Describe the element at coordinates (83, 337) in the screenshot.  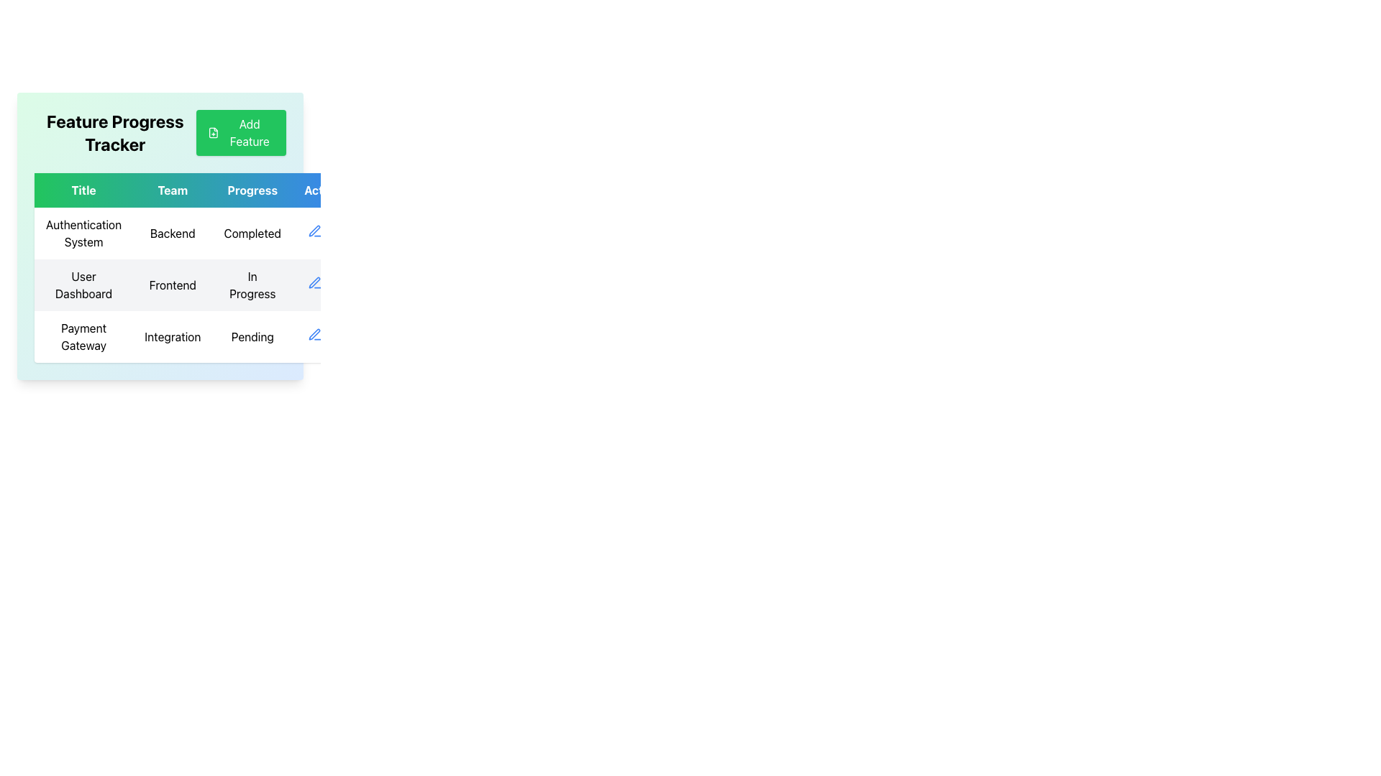
I see `the text label reading 'Payment Gateway', which is the first column in the second row of a structured table layout` at that location.